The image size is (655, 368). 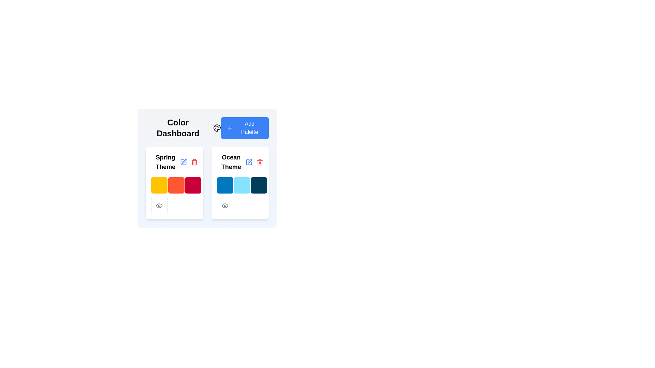 I want to click on the button located in the top-right corner of the 'Color Dashboard' header section, so click(x=245, y=128).